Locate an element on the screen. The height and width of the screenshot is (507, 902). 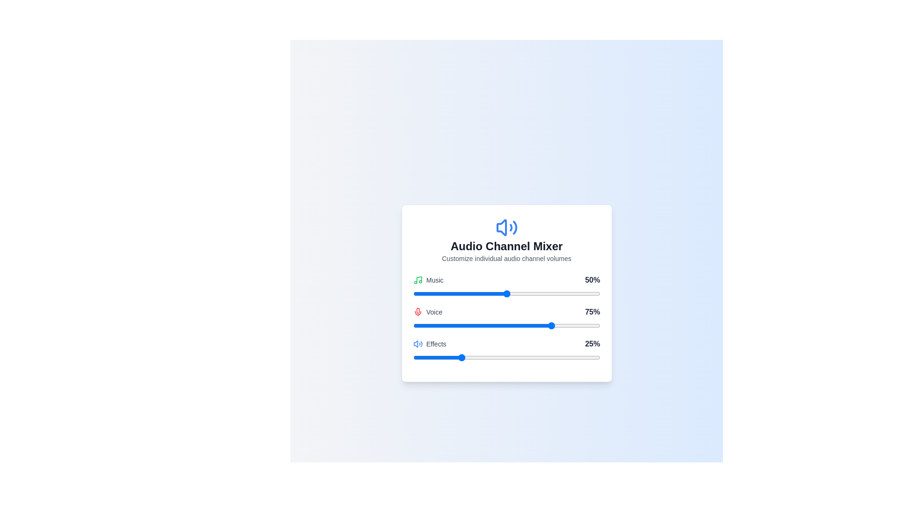
the third wave shape of the sound icon, which is part of the volume control symbol, suggesting audio output is located at coordinates (514, 228).